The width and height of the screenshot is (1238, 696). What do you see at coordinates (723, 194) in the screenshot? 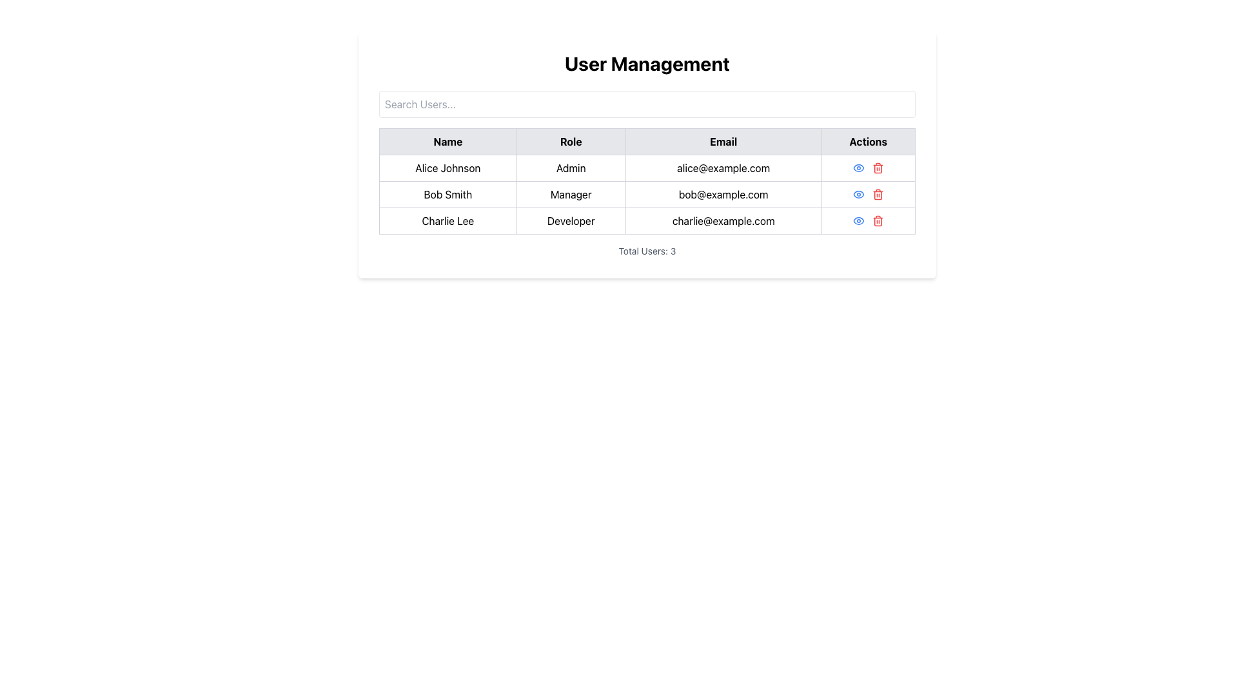
I see `text content of the Text Label displaying 'bob@example.com' located in the second row of the table under the 'Email' column` at bounding box center [723, 194].